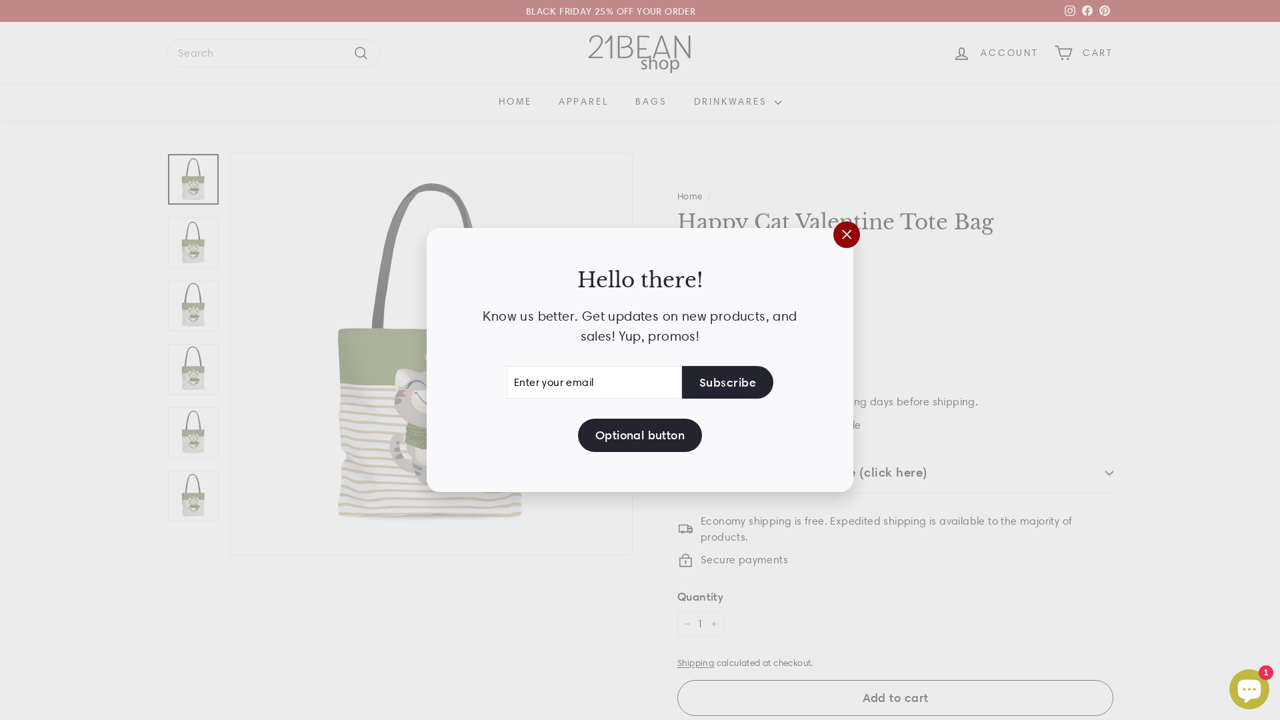  What do you see at coordinates (1104, 10) in the screenshot?
I see `'Pinterest'` at bounding box center [1104, 10].